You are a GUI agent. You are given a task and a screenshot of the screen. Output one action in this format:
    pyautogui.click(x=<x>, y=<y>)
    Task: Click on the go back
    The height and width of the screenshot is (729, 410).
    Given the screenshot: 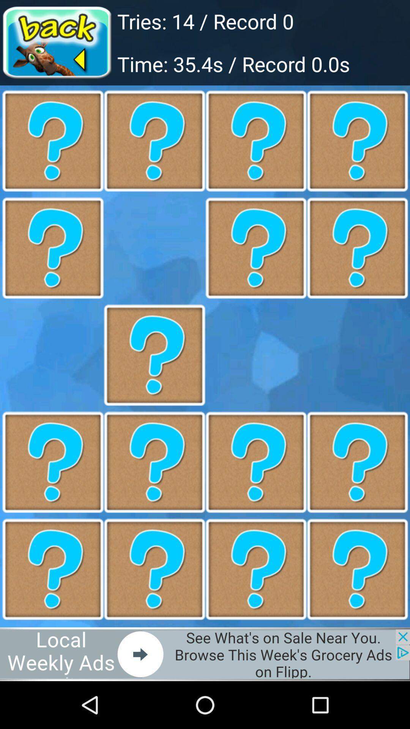 What is the action you would take?
    pyautogui.click(x=58, y=42)
    